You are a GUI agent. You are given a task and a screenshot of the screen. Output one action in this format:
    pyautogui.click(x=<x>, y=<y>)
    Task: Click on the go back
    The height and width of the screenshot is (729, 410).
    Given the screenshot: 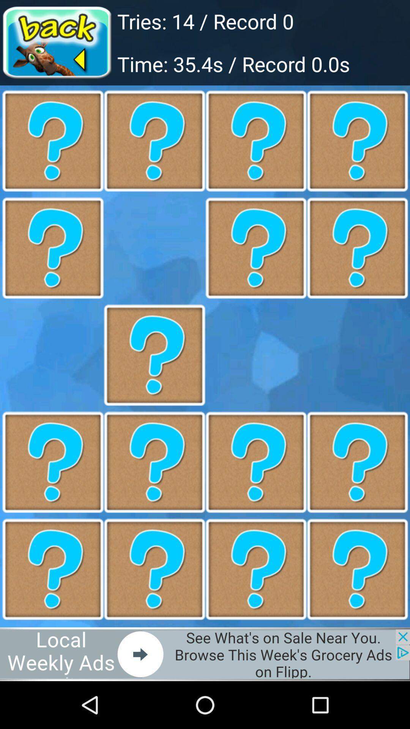 What is the action you would take?
    pyautogui.click(x=58, y=42)
    